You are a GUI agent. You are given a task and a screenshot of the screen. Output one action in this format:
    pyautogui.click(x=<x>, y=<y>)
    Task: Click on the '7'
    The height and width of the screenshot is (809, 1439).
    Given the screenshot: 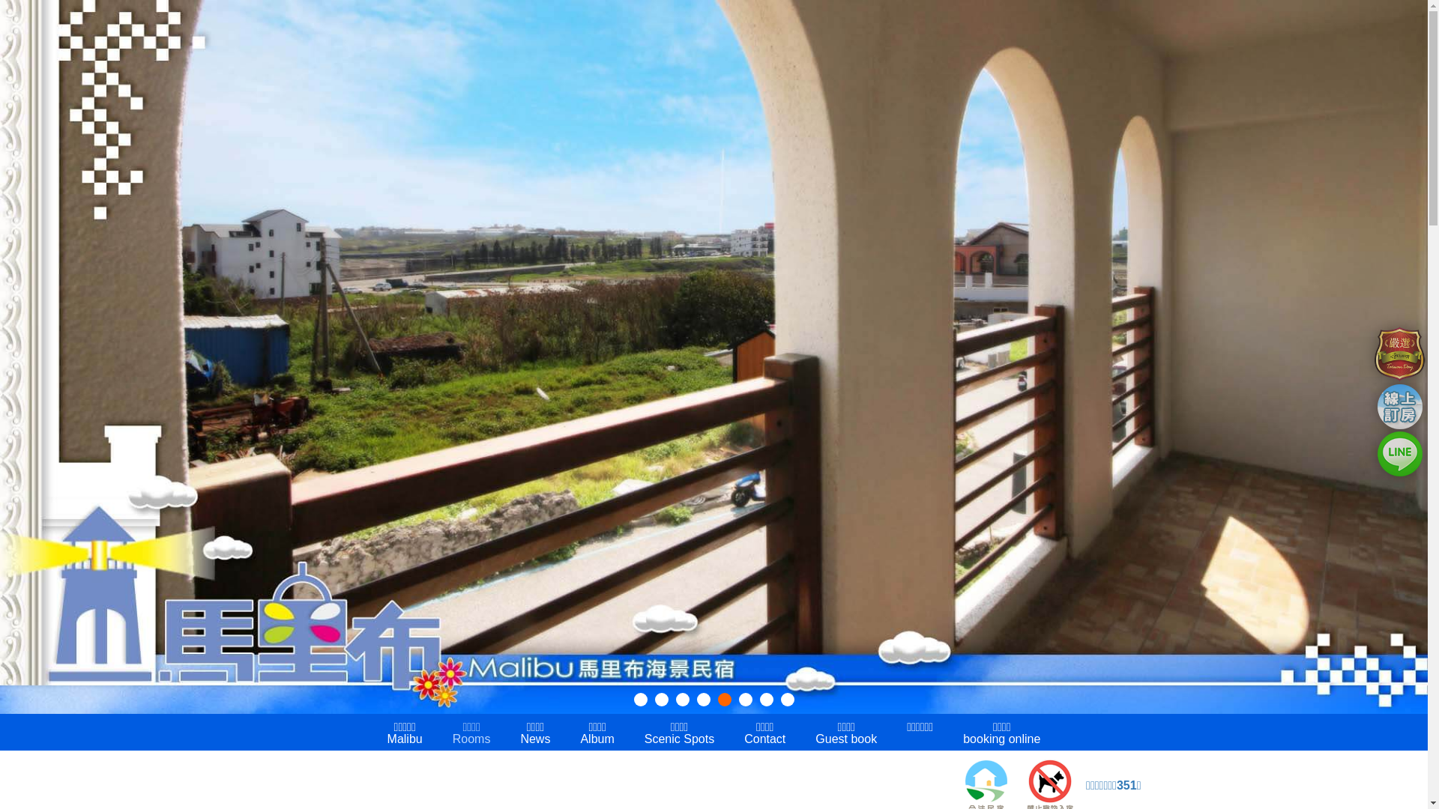 What is the action you would take?
    pyautogui.click(x=759, y=699)
    